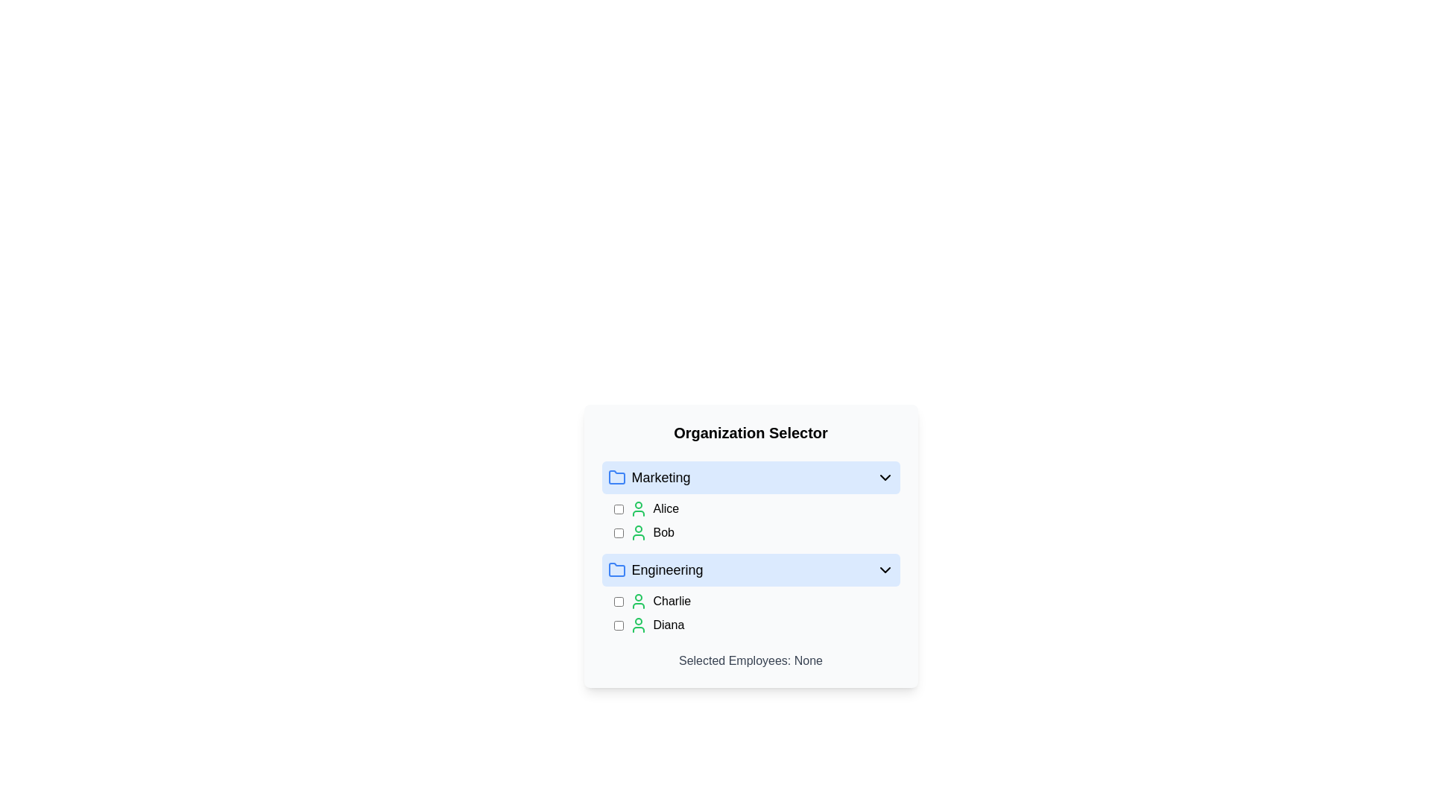  Describe the element at coordinates (638, 508) in the screenshot. I see `the user icon with a green outline and white background representing 'Alice' in the 'Marketing' group of the 'Organization Selector' panel` at that location.